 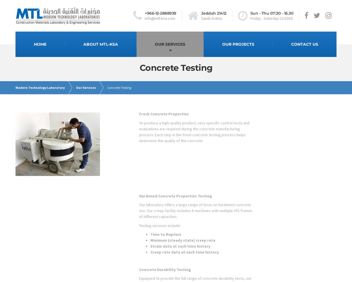 I want to click on 'Non-Destructive Testing', so click(x=167, y=142).